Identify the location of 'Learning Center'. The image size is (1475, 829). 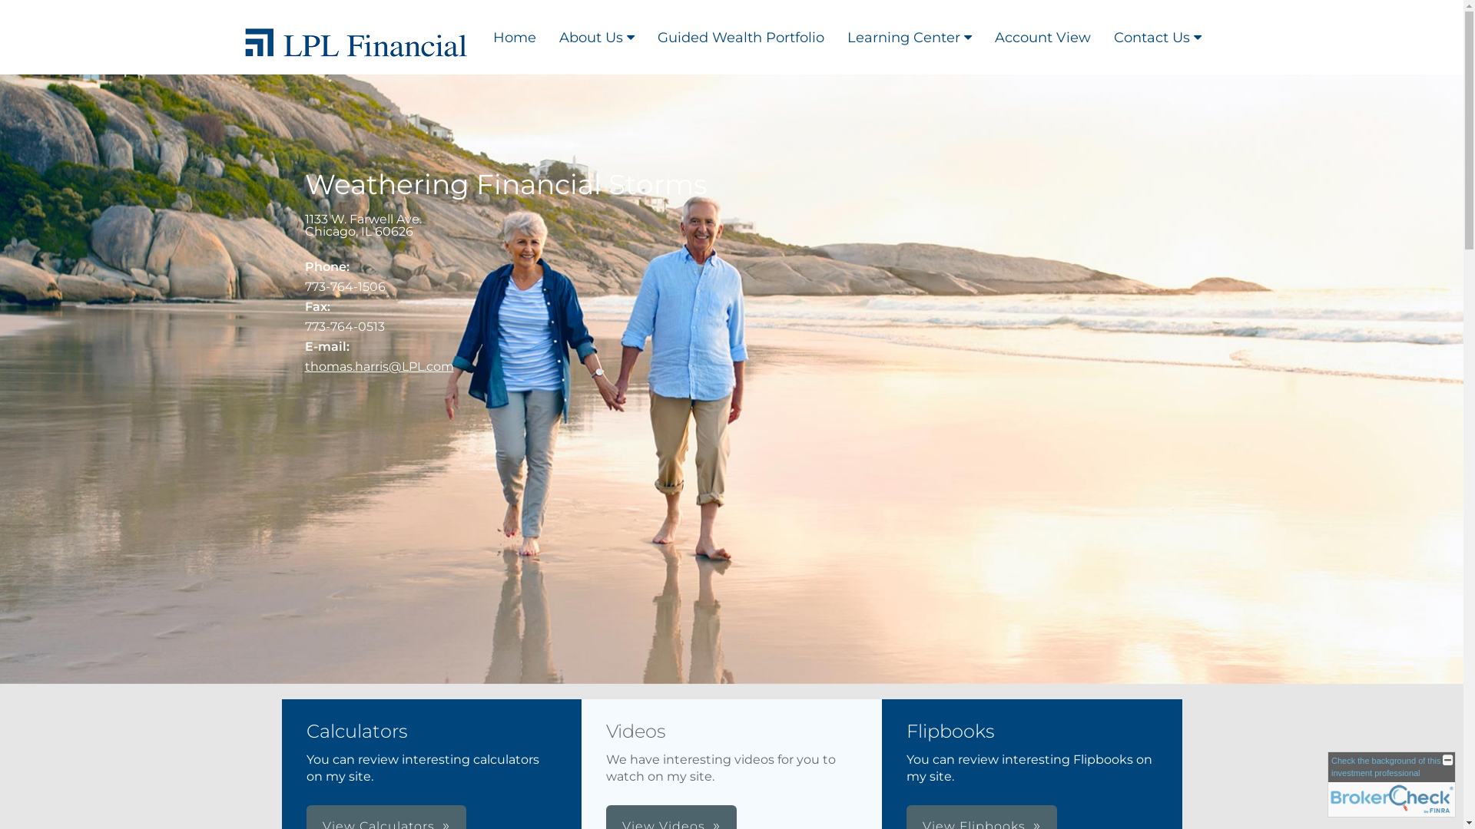
(835, 35).